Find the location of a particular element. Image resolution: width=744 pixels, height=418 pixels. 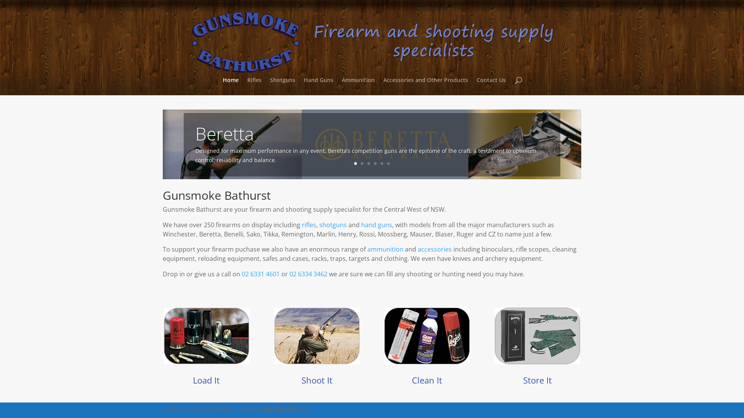

'hand guns' is located at coordinates (376, 225).